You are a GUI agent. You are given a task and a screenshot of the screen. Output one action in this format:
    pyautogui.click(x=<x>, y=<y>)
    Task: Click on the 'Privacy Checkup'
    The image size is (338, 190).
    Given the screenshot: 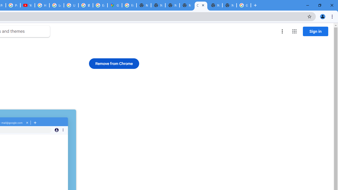 What is the action you would take?
    pyautogui.click(x=13, y=5)
    